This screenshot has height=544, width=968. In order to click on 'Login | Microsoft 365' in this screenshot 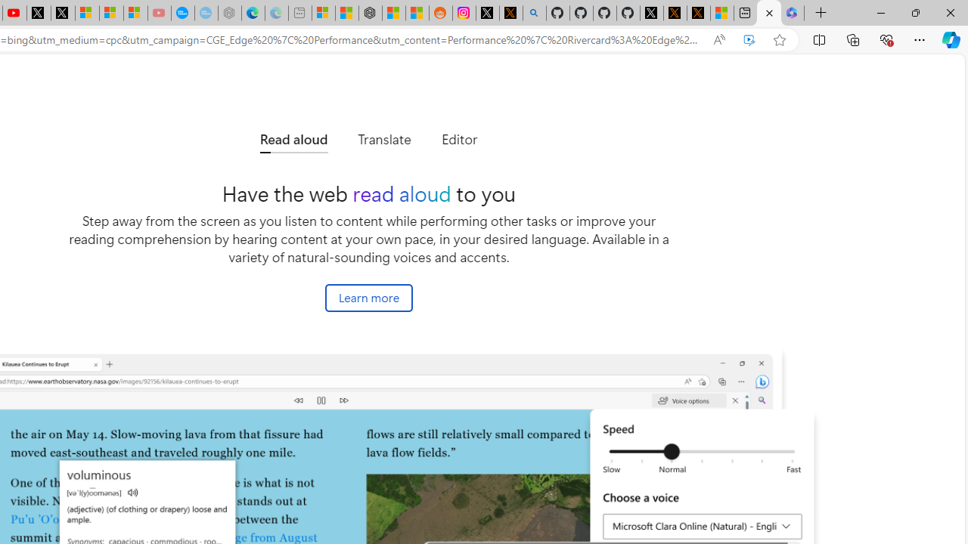, I will do `click(792, 13)`.